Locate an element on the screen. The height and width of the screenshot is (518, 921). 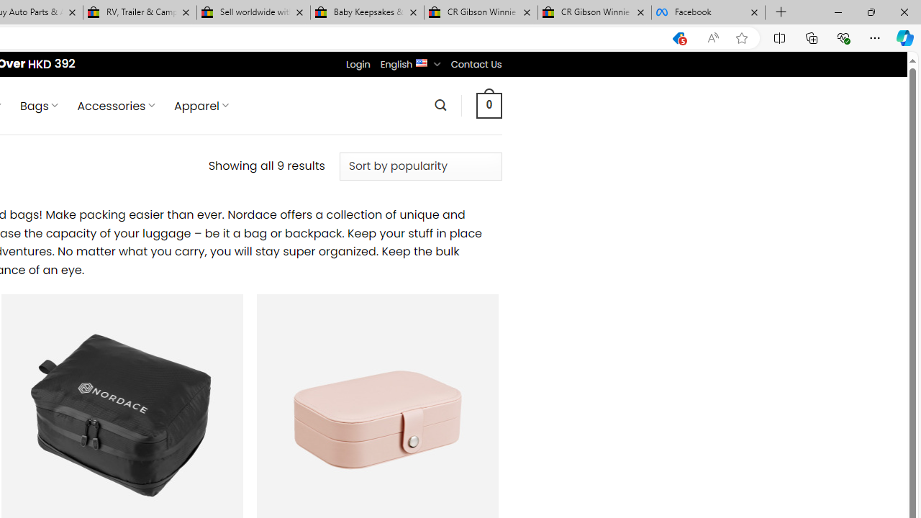
'Collections' is located at coordinates (812, 37).